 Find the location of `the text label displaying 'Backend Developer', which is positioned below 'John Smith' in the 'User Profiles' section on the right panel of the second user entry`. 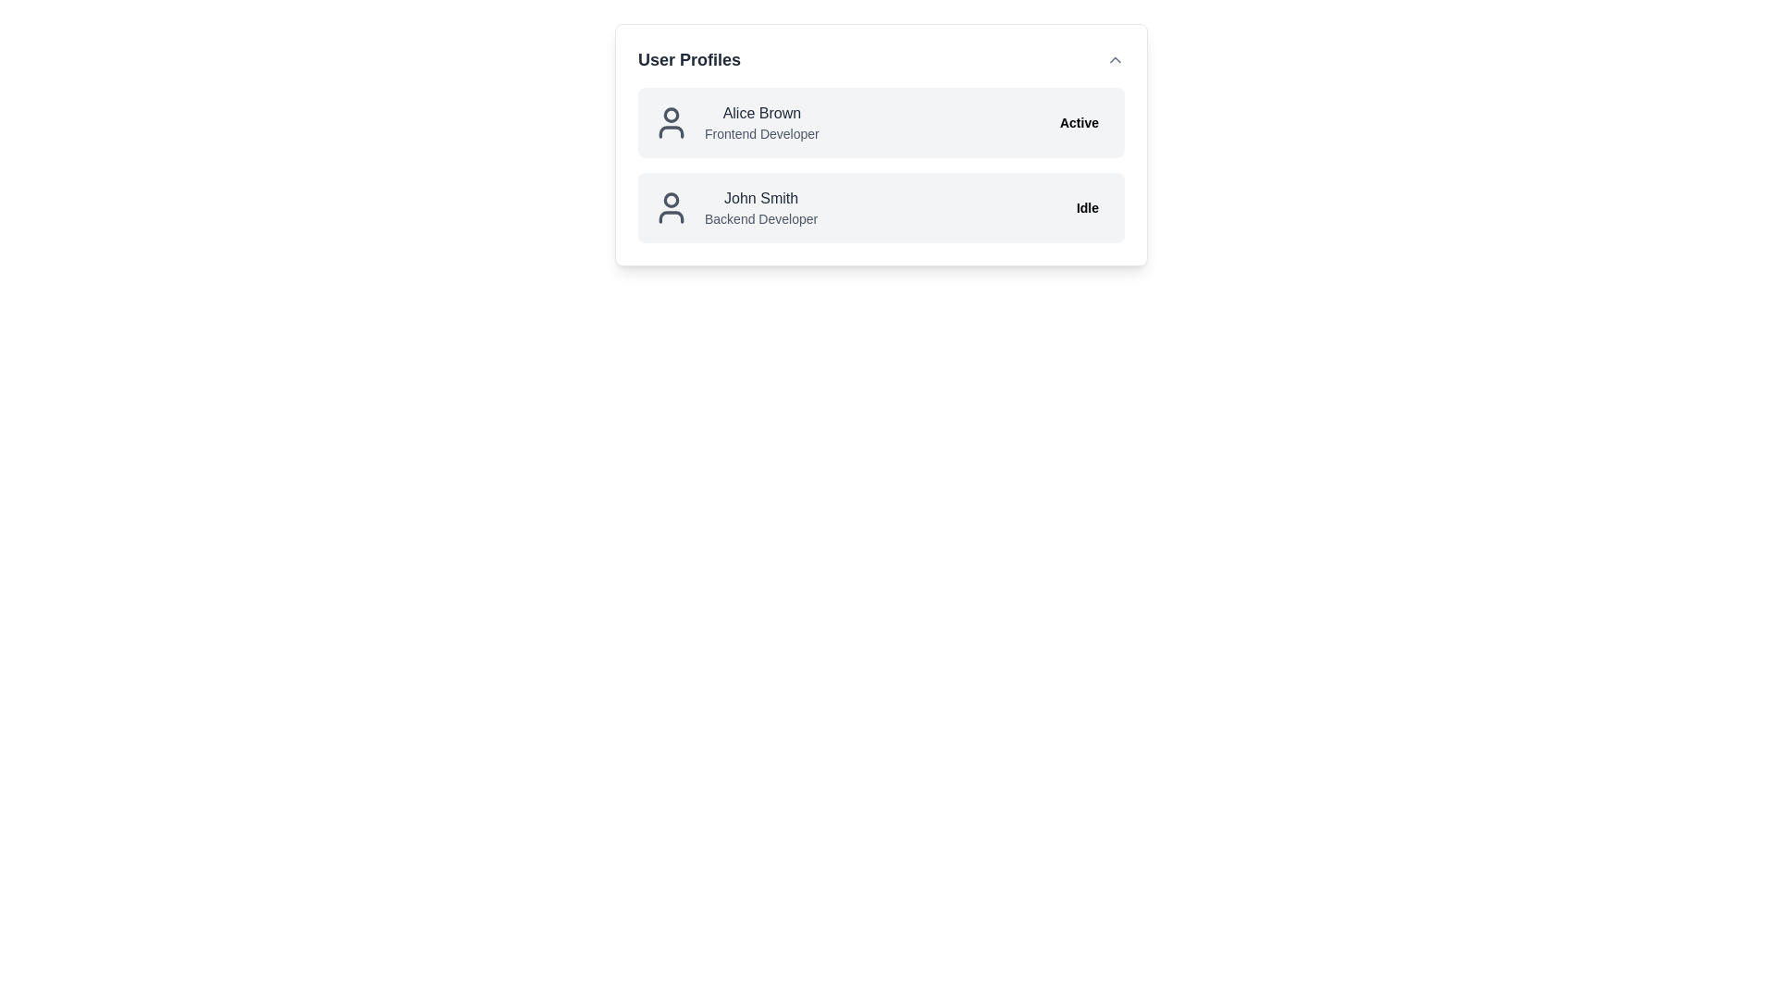

the text label displaying 'Backend Developer', which is positioned below 'John Smith' in the 'User Profiles' section on the right panel of the second user entry is located at coordinates (761, 217).